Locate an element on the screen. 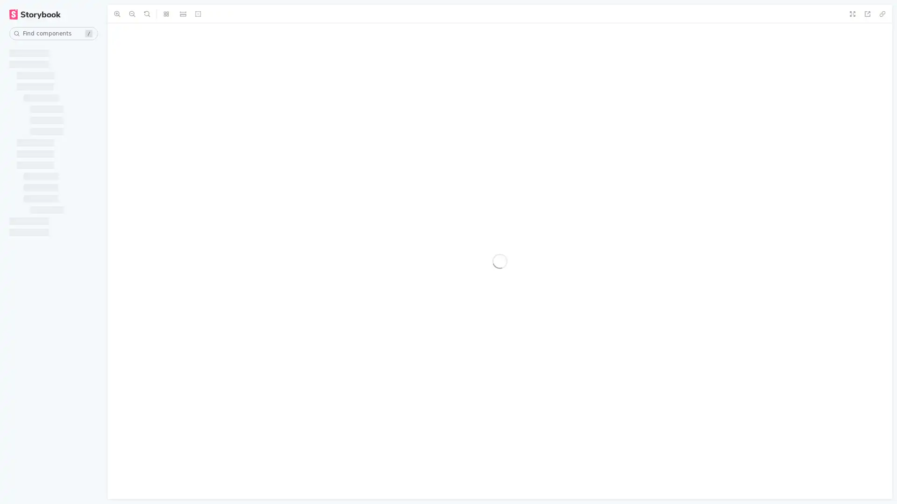  INTERNAL DOCUMENTATION is located at coordinates (49, 180).